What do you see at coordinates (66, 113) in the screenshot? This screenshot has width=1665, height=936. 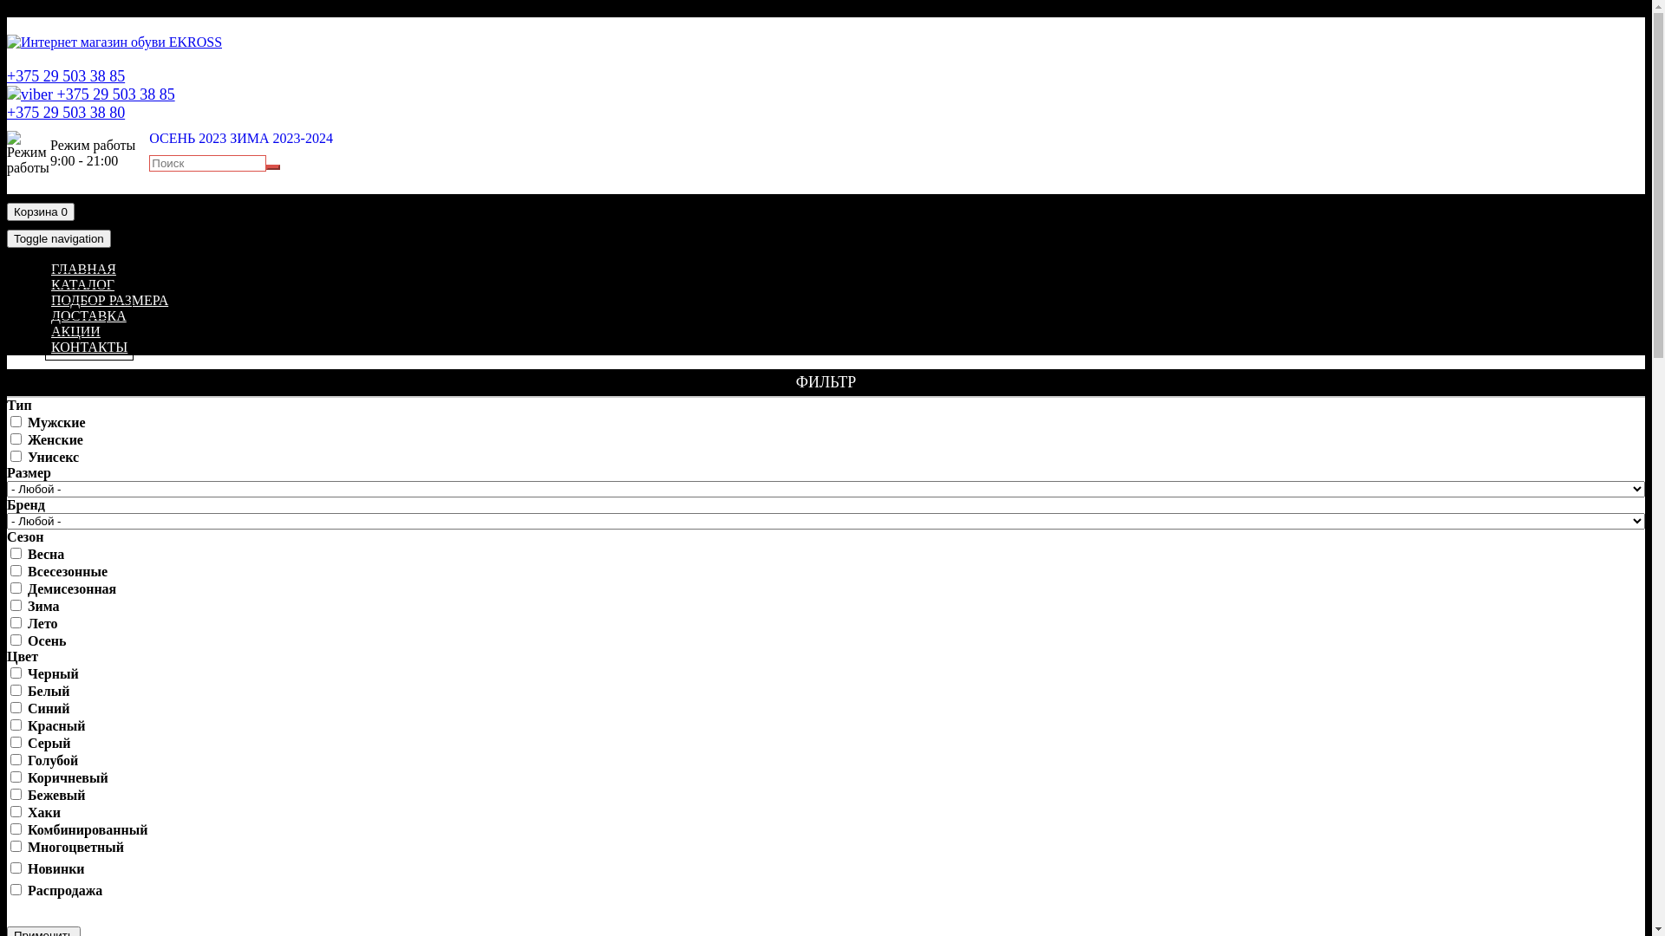 I see `'+375 29 503 38 80'` at bounding box center [66, 113].